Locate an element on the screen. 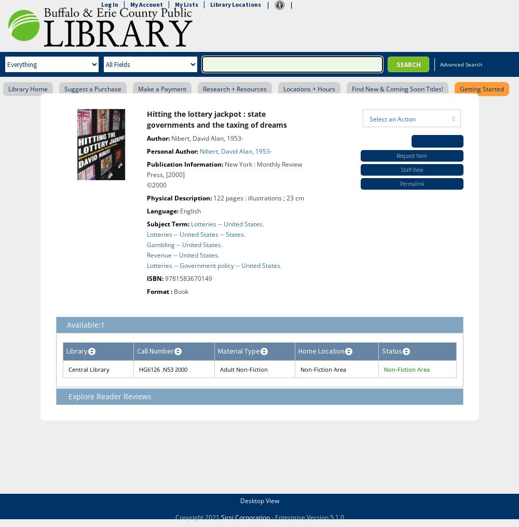 Image resolution: width=519 pixels, height=527 pixels. 'Subject Term:' is located at coordinates (146, 224).